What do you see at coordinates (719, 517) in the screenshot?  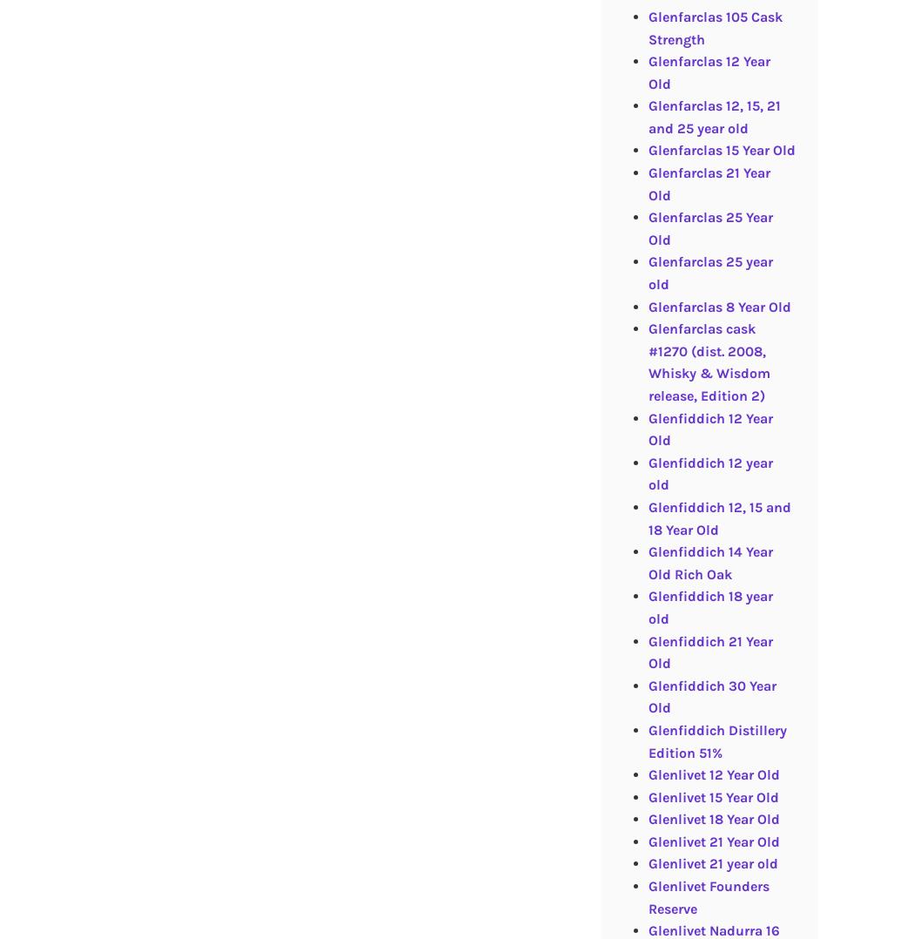 I see `'Glenfiddich 12, 15 and 18 Year Old'` at bounding box center [719, 517].